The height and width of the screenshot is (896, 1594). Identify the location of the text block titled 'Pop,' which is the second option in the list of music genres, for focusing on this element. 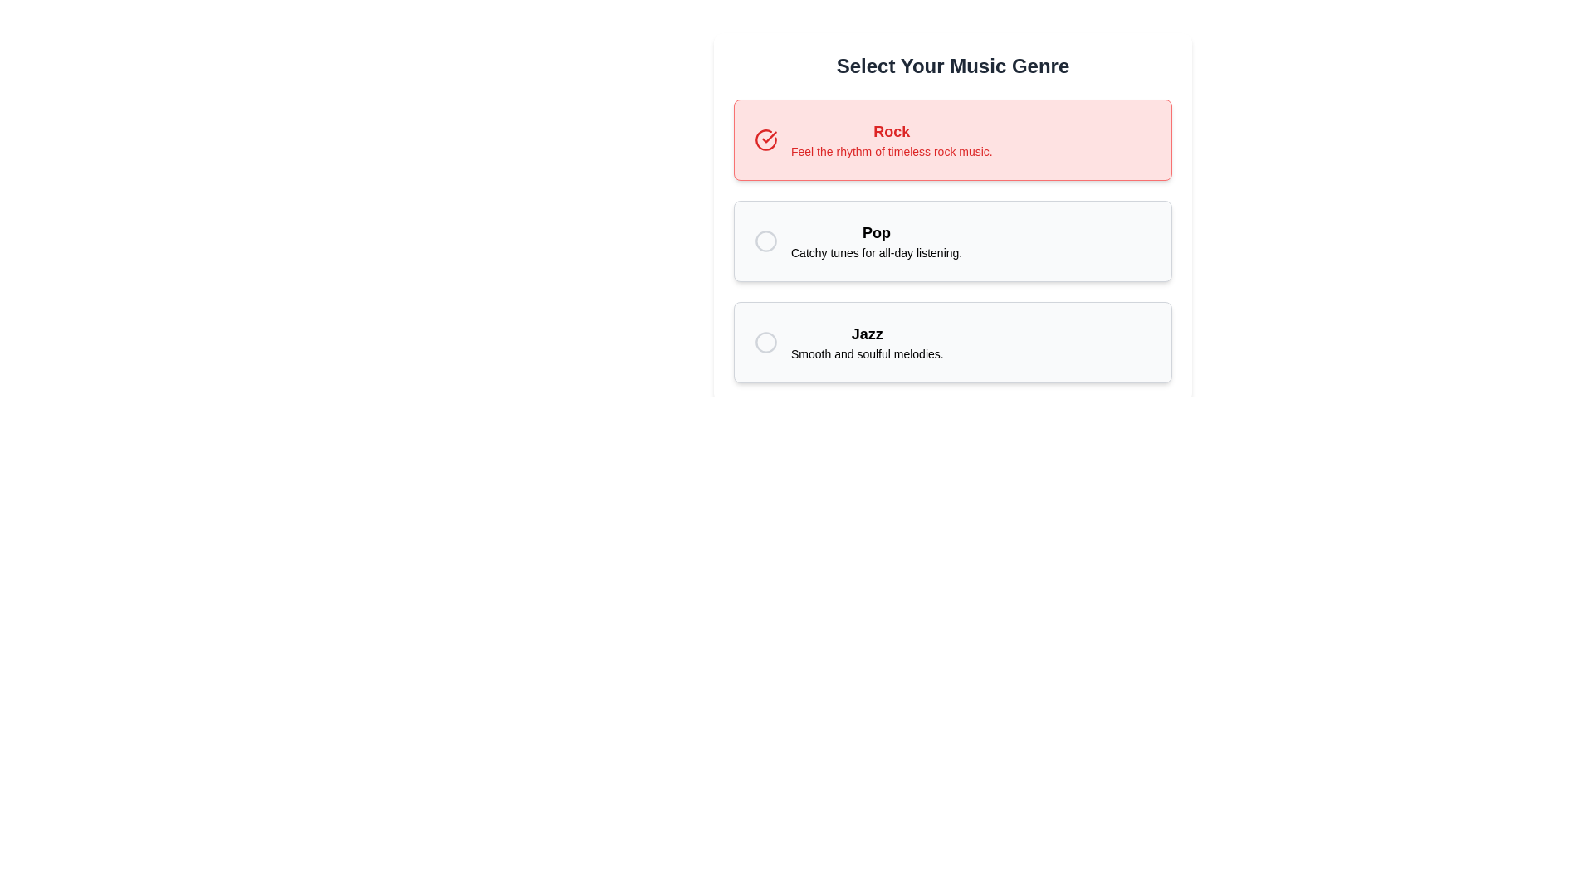
(876, 241).